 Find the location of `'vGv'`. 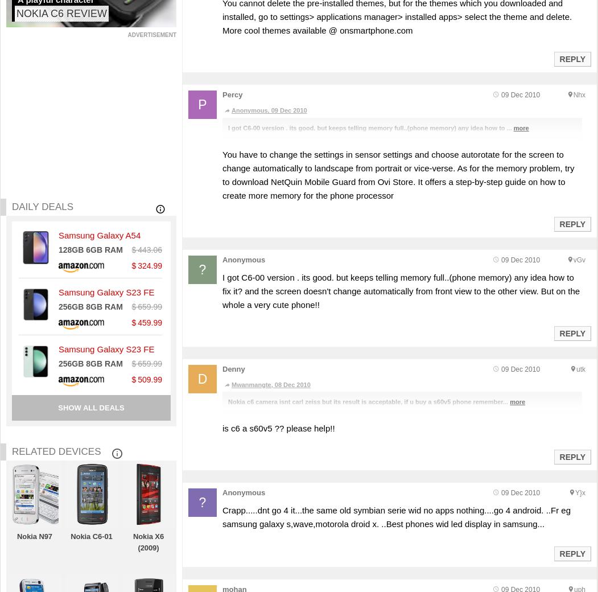

'vGv' is located at coordinates (578, 260).